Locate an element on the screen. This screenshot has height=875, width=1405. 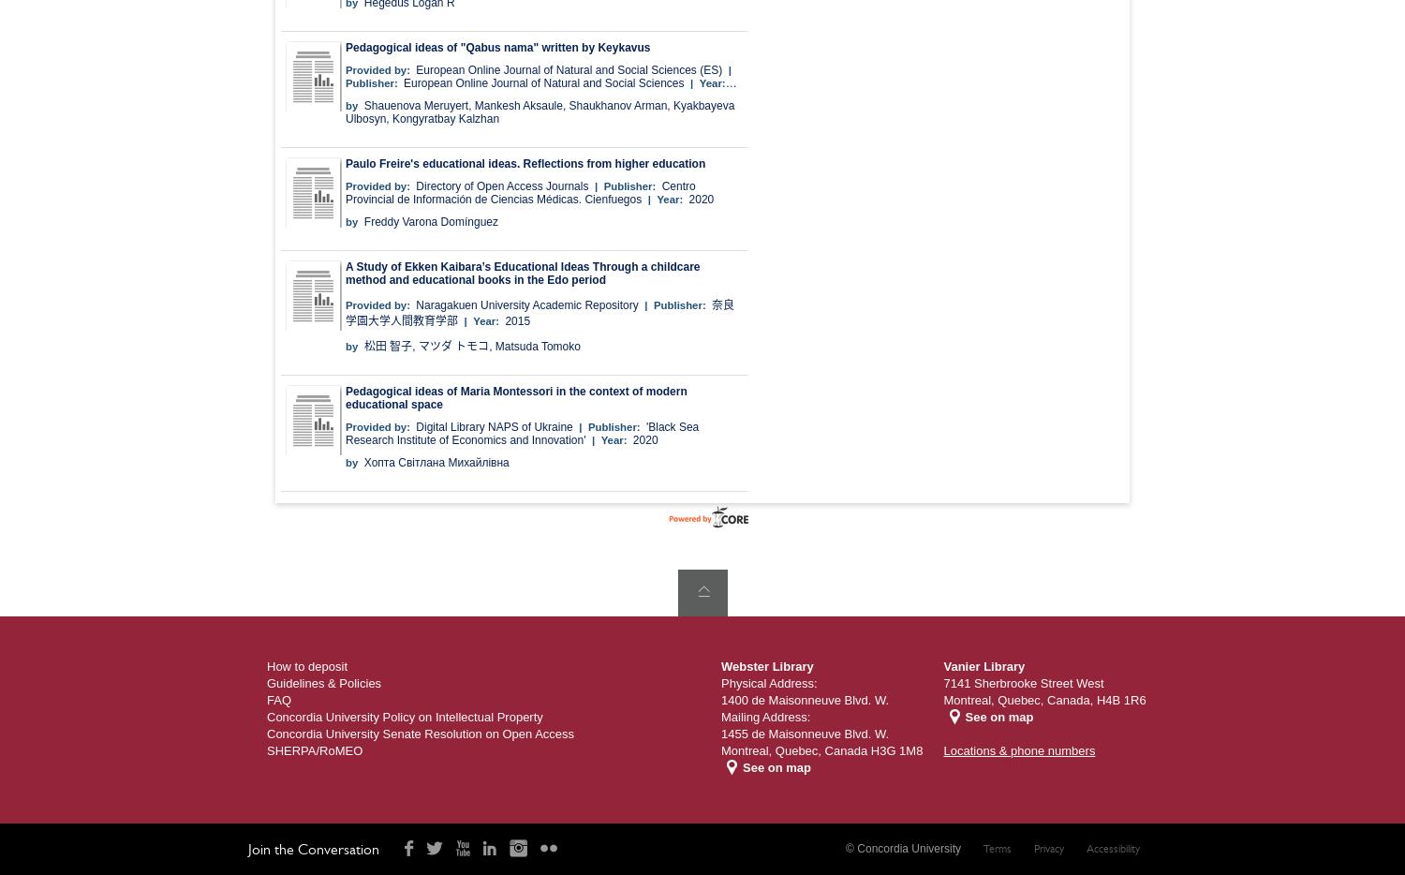
''Black Sea Research Institute of Economics and Innovation'' is located at coordinates (522, 433).